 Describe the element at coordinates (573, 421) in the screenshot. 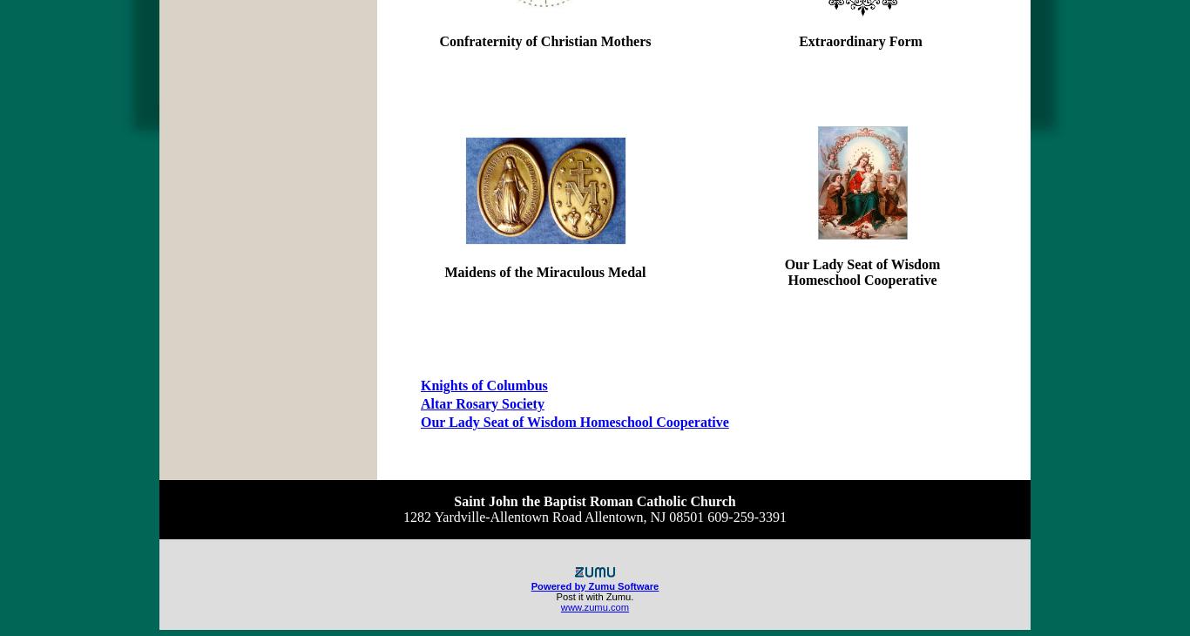

I see `'Our Lady Seat of Wisdom Homeschool Cooperative'` at that location.